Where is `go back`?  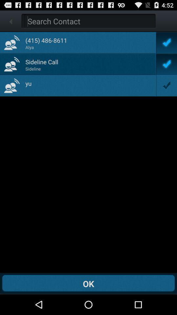 go back is located at coordinates (10, 21).